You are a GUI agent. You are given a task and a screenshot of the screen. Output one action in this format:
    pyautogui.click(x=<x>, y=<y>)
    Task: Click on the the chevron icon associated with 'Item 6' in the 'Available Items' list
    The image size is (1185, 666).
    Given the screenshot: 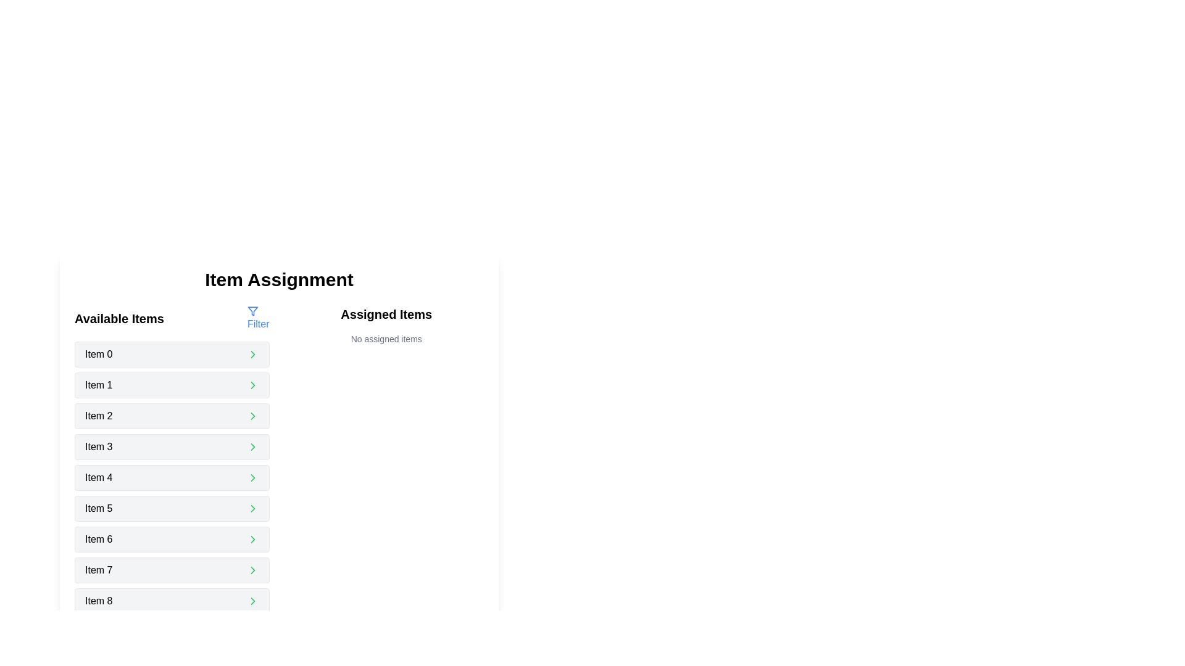 What is the action you would take?
    pyautogui.click(x=252, y=539)
    